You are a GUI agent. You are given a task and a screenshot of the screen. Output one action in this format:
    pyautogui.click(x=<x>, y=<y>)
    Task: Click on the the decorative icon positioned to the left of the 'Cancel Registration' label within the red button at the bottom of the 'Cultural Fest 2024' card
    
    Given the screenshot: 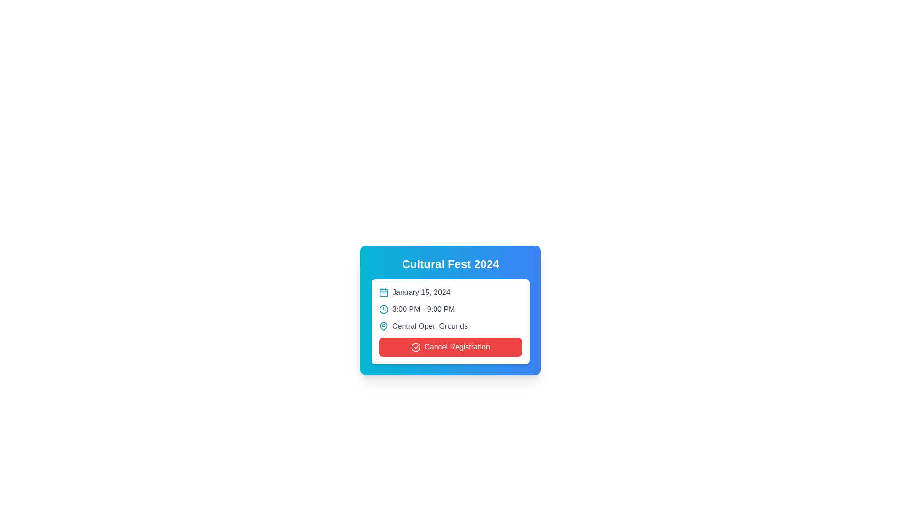 What is the action you would take?
    pyautogui.click(x=415, y=347)
    